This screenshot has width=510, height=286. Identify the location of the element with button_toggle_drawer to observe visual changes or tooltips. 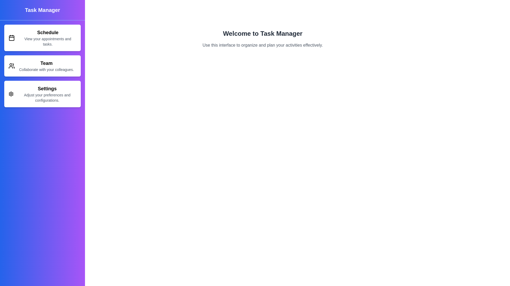
(55, 27).